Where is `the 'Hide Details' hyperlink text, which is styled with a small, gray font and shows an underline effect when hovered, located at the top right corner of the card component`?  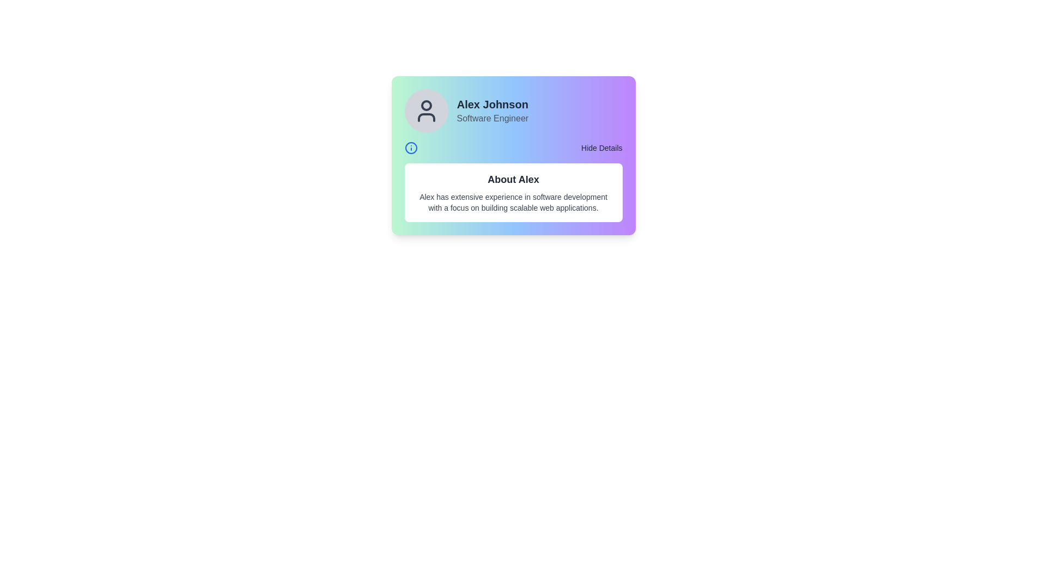 the 'Hide Details' hyperlink text, which is styled with a small, gray font and shows an underline effect when hovered, located at the top right corner of the card component is located at coordinates (601, 148).